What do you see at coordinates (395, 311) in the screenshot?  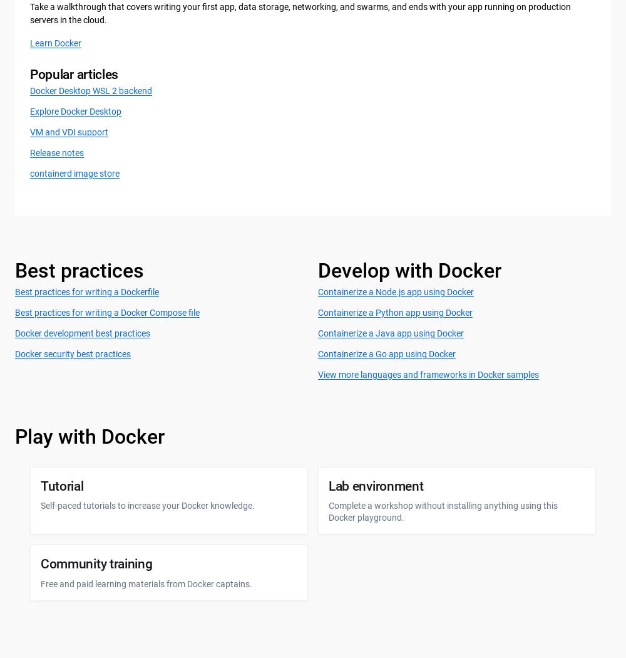 I see `'Containerize a Python app using Docker'` at bounding box center [395, 311].